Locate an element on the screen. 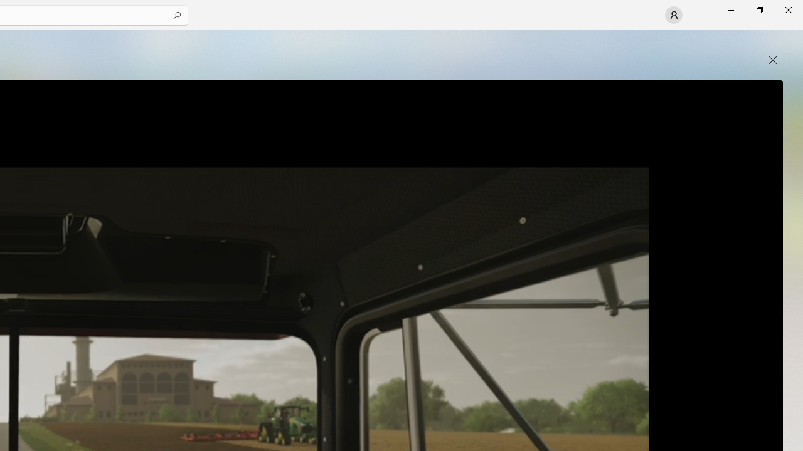 Image resolution: width=803 pixels, height=451 pixels. 'User profile' is located at coordinates (673, 15).